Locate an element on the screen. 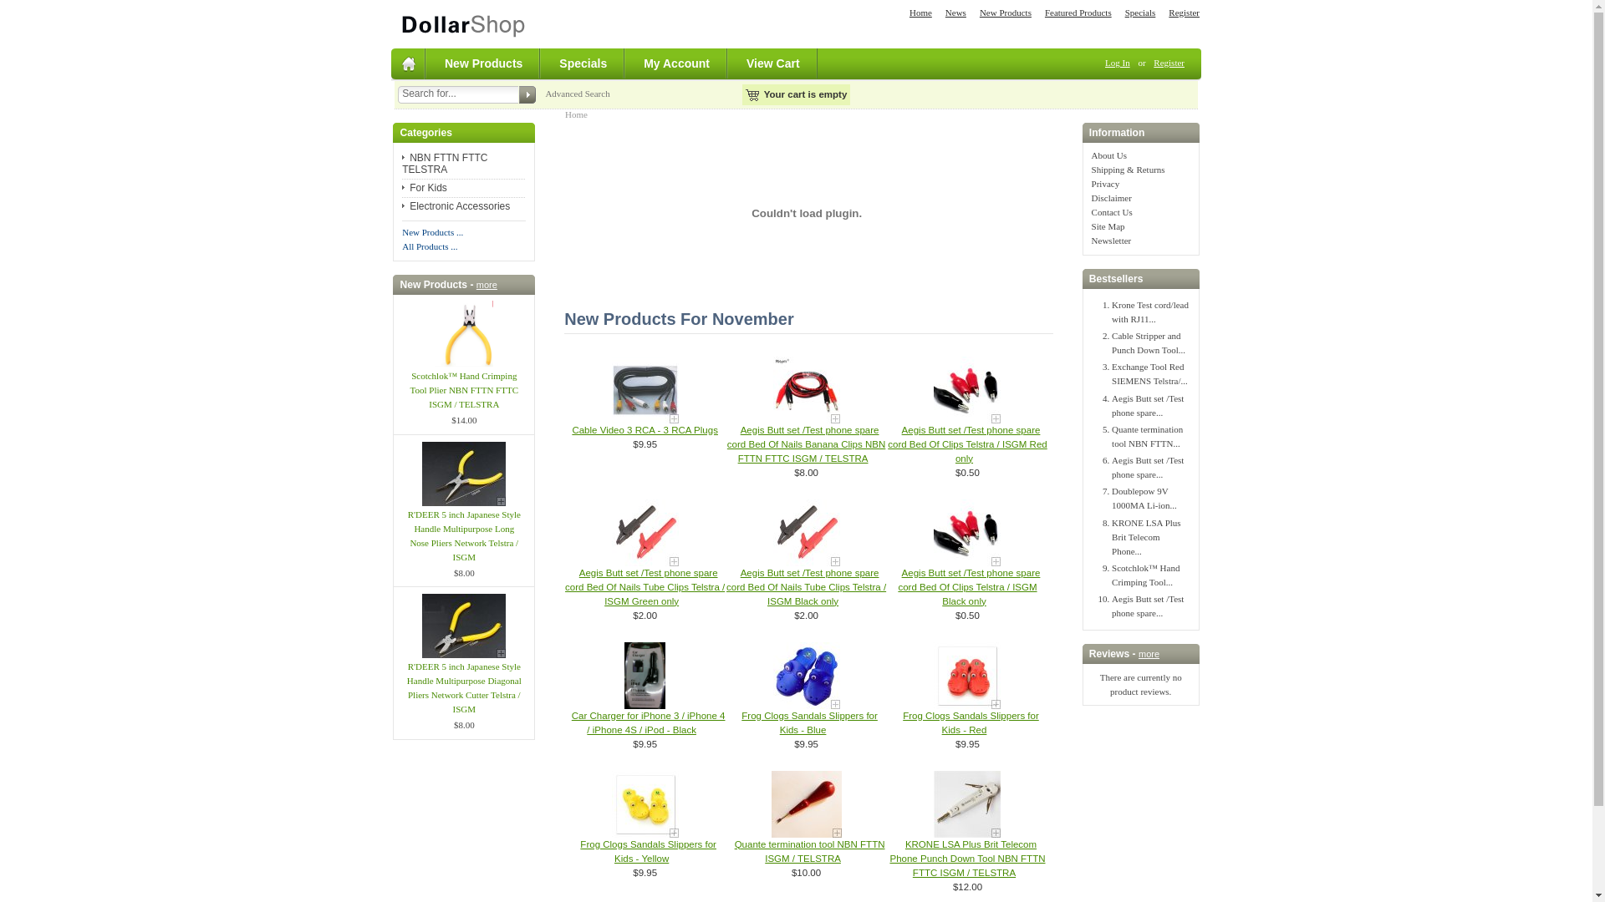 The height and width of the screenshot is (902, 1605). 'Register' is located at coordinates (1168, 61).